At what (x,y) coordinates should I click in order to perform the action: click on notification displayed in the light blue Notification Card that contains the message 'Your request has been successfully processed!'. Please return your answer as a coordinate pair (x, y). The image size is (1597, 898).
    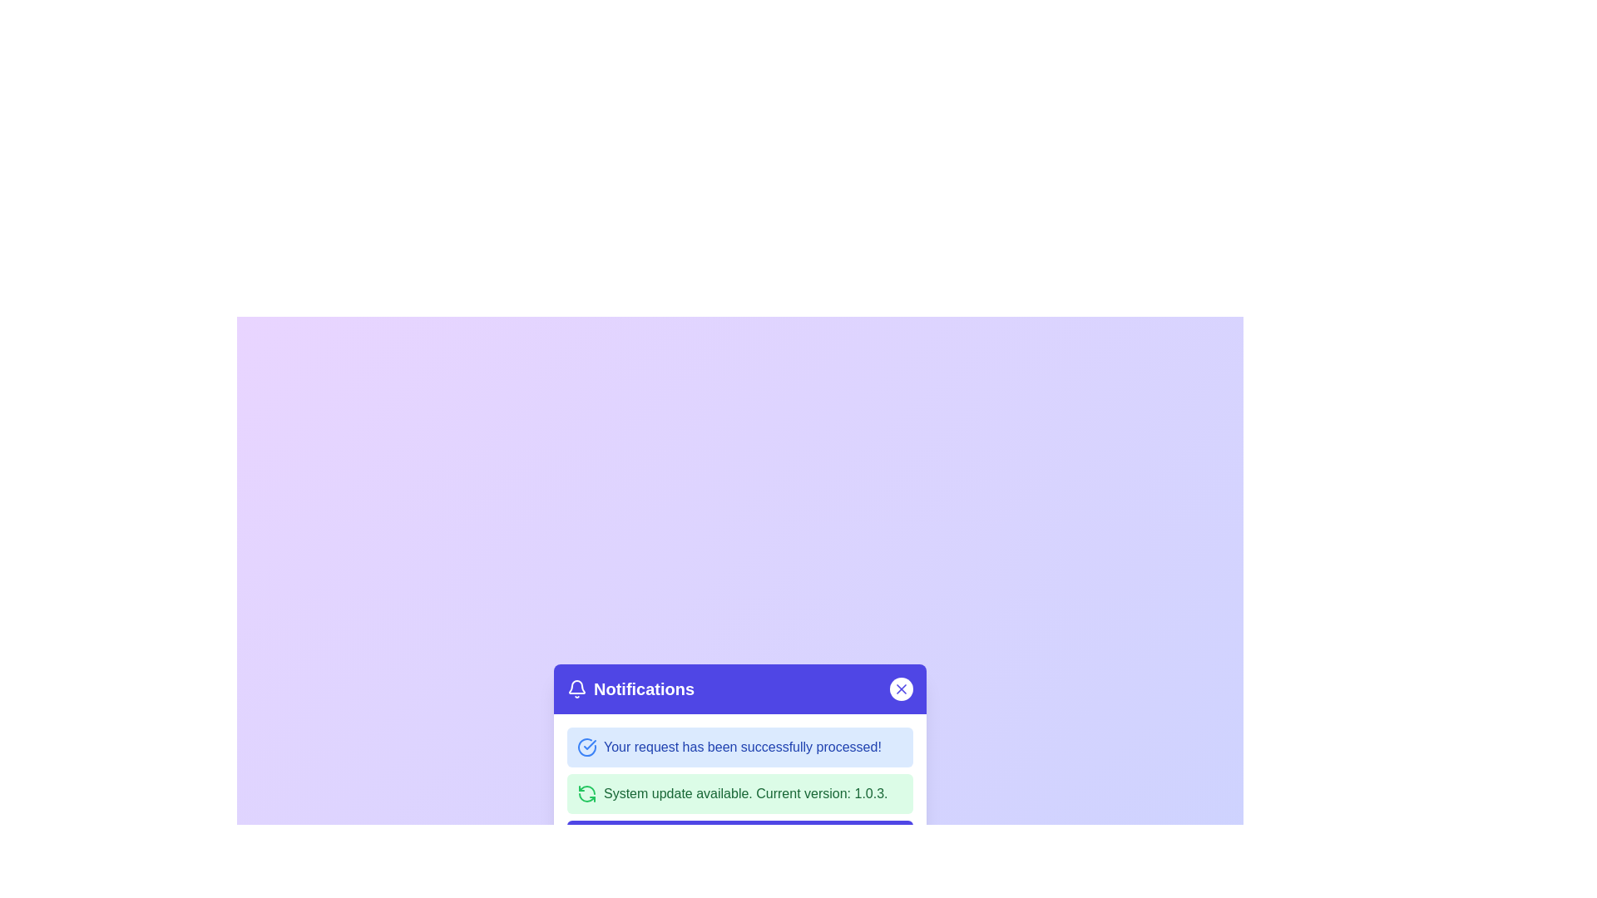
    Looking at the image, I should click on (739, 746).